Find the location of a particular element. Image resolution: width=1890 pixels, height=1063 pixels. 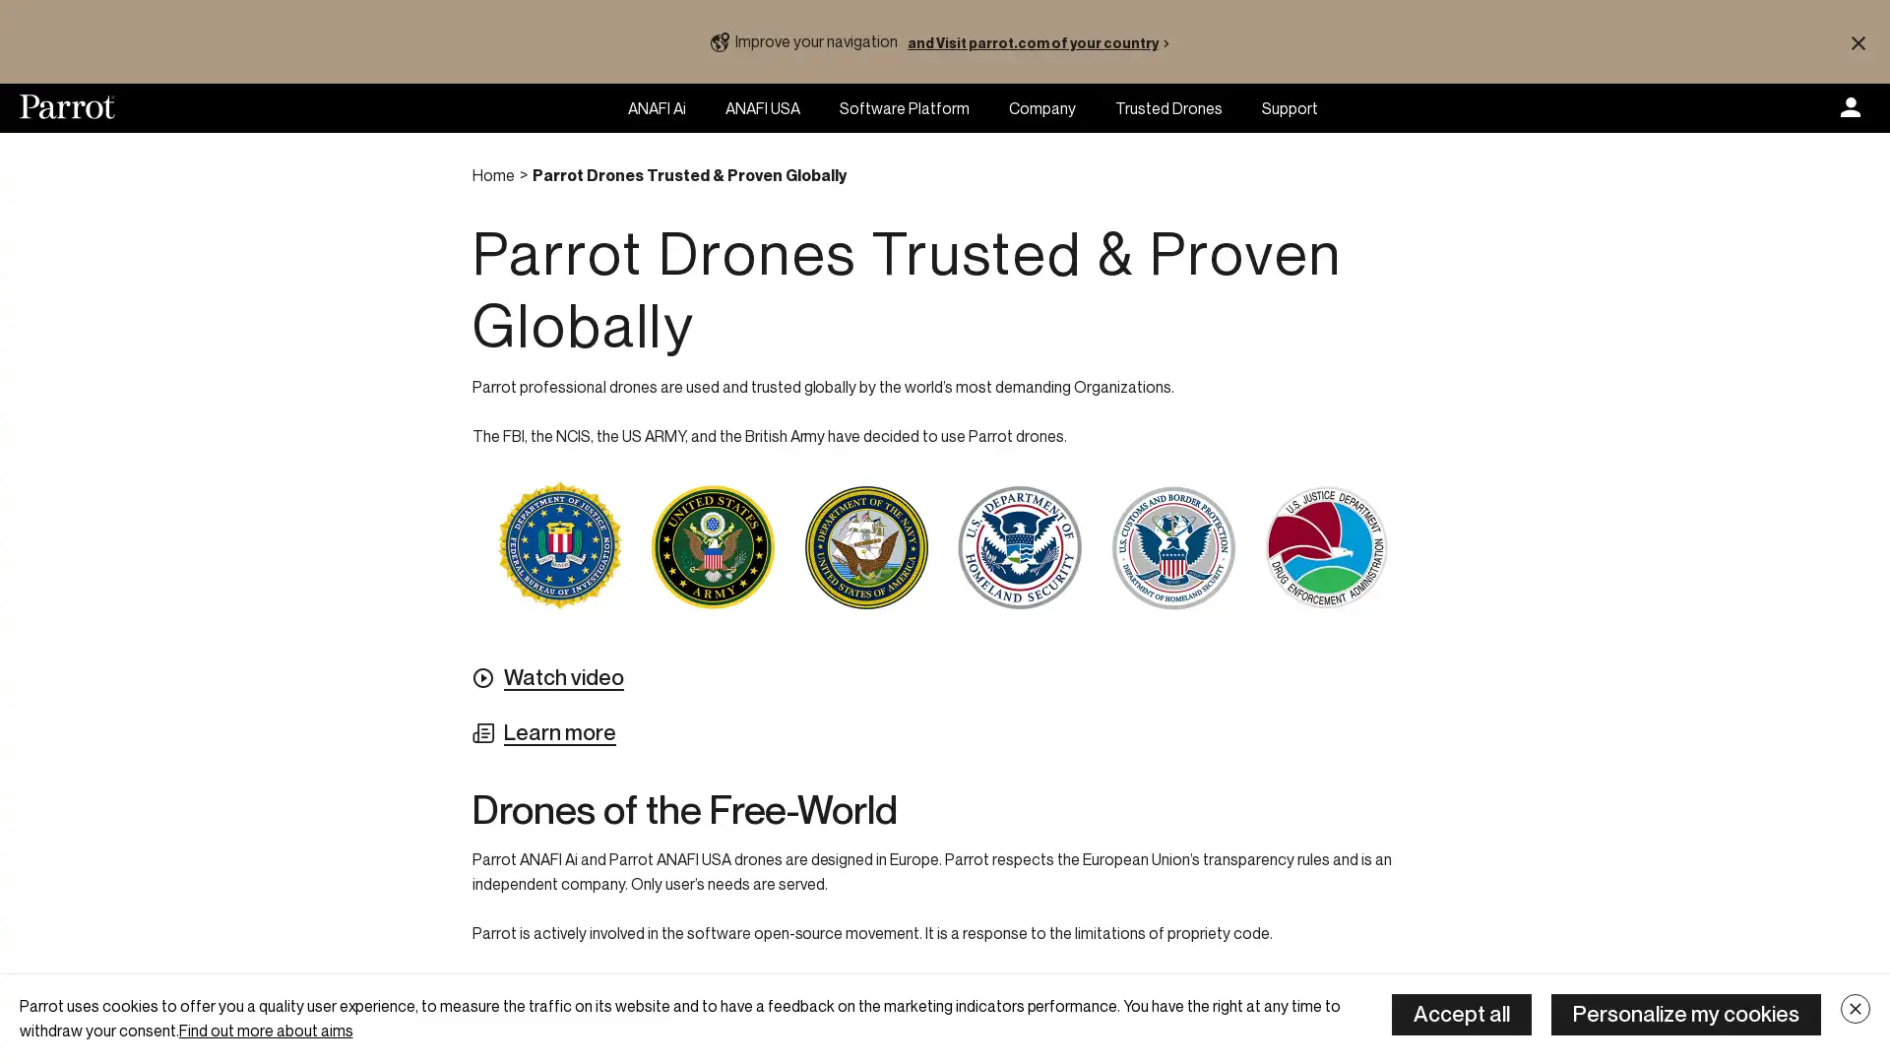

Personalize my cookies is located at coordinates (1685, 1014).